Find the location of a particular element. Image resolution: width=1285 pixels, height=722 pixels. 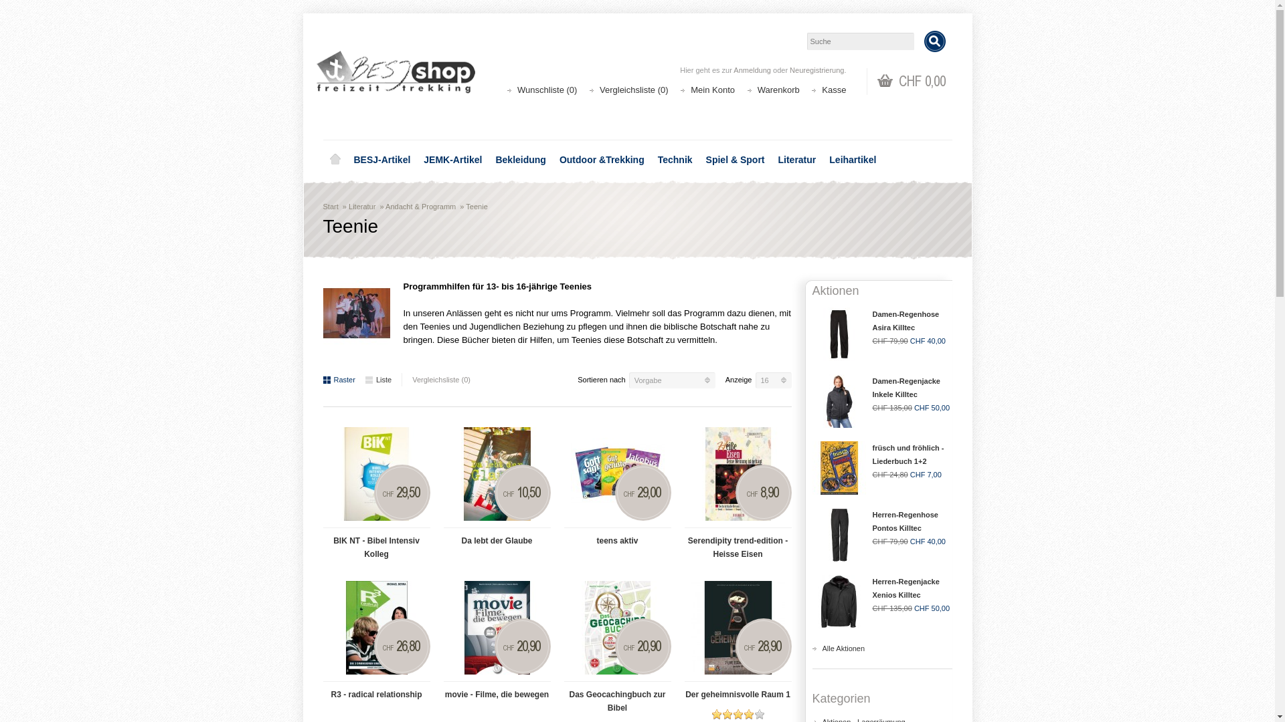

'movie - Filme, die bewegen' is located at coordinates (496, 691).